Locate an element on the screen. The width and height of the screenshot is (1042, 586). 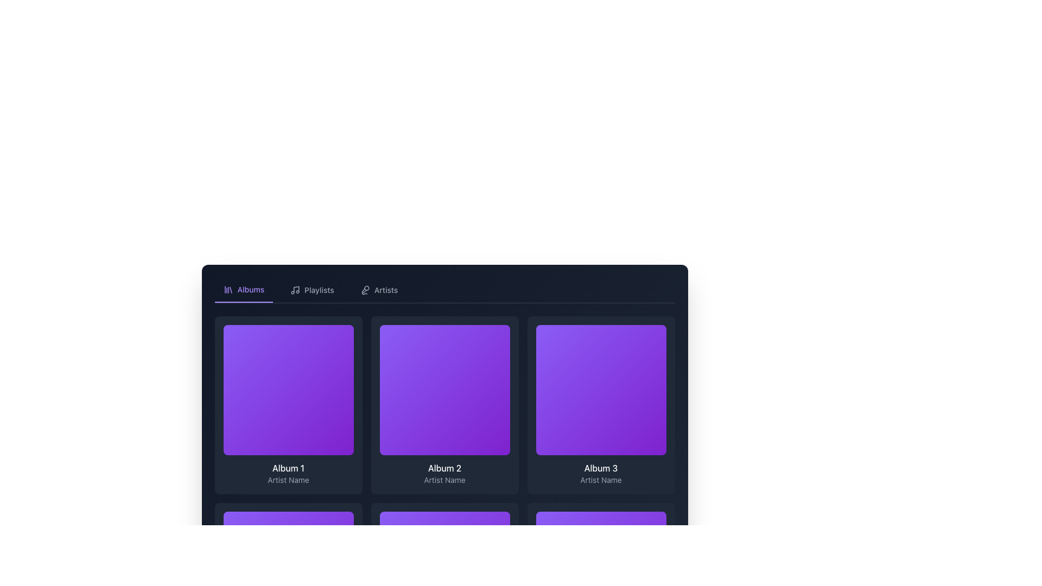
the Text label that identifies the album title, located below the album cover image within its card is located at coordinates (288, 468).